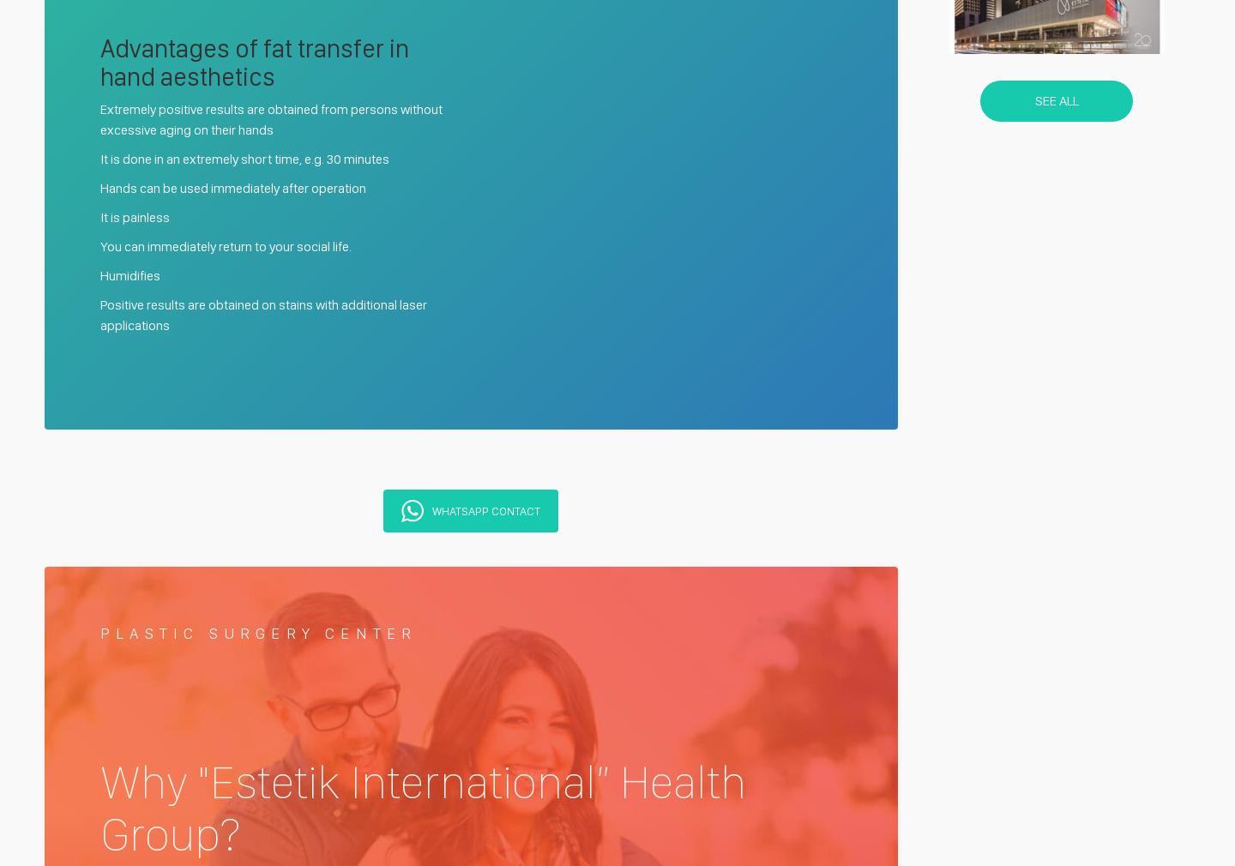 Image resolution: width=1235 pixels, height=866 pixels. What do you see at coordinates (100, 632) in the screenshot?
I see `'PLASTIC SURGERY CENTER'` at bounding box center [100, 632].